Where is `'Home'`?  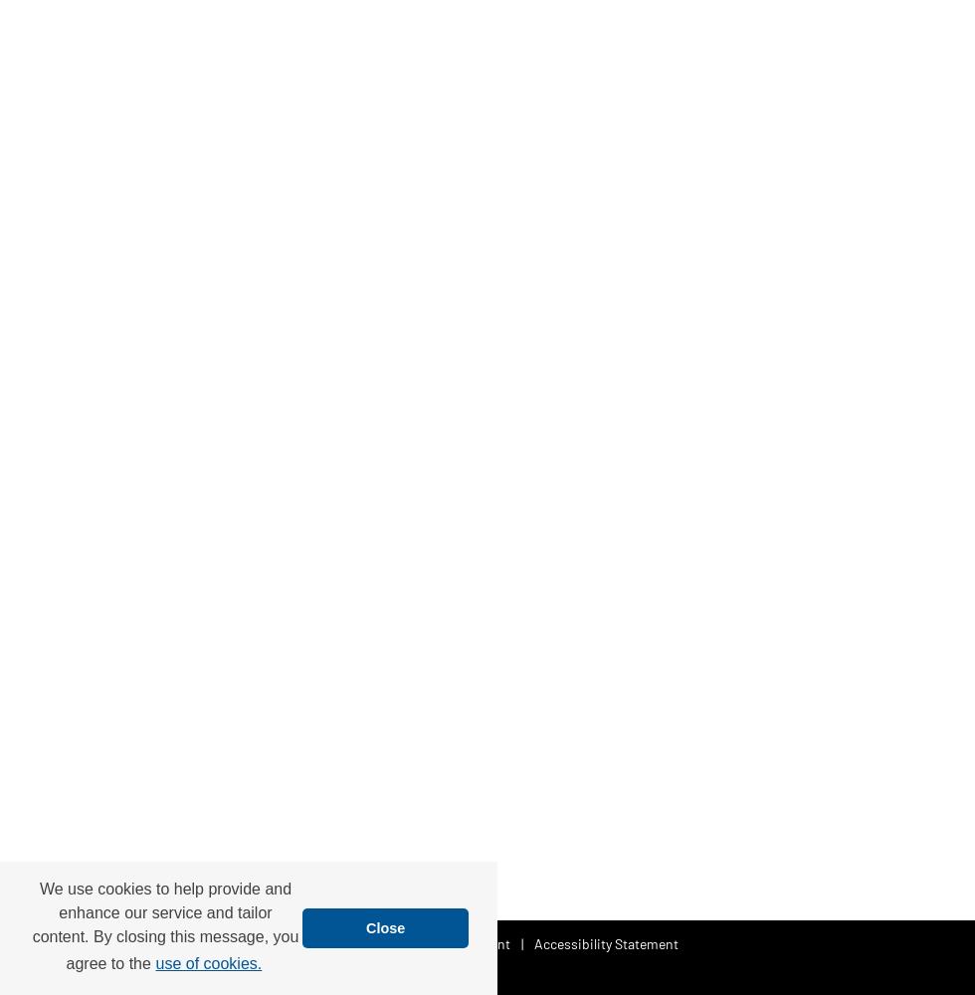 'Home' is located at coordinates (288, 941).